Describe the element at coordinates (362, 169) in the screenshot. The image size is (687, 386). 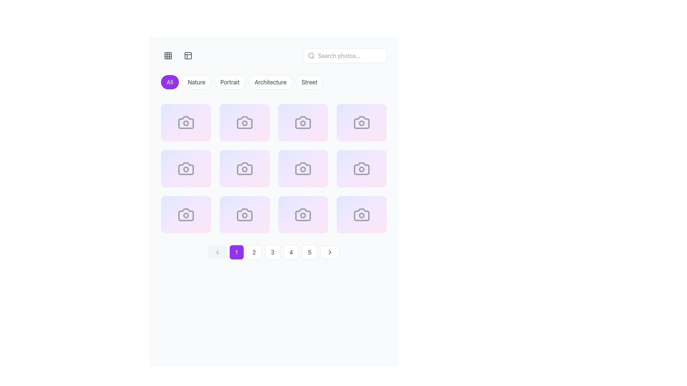
I see `the camera icon, which is a gray camera-shaped element with a circular lens, located in the fourth column of the third row in a grid layout` at that location.